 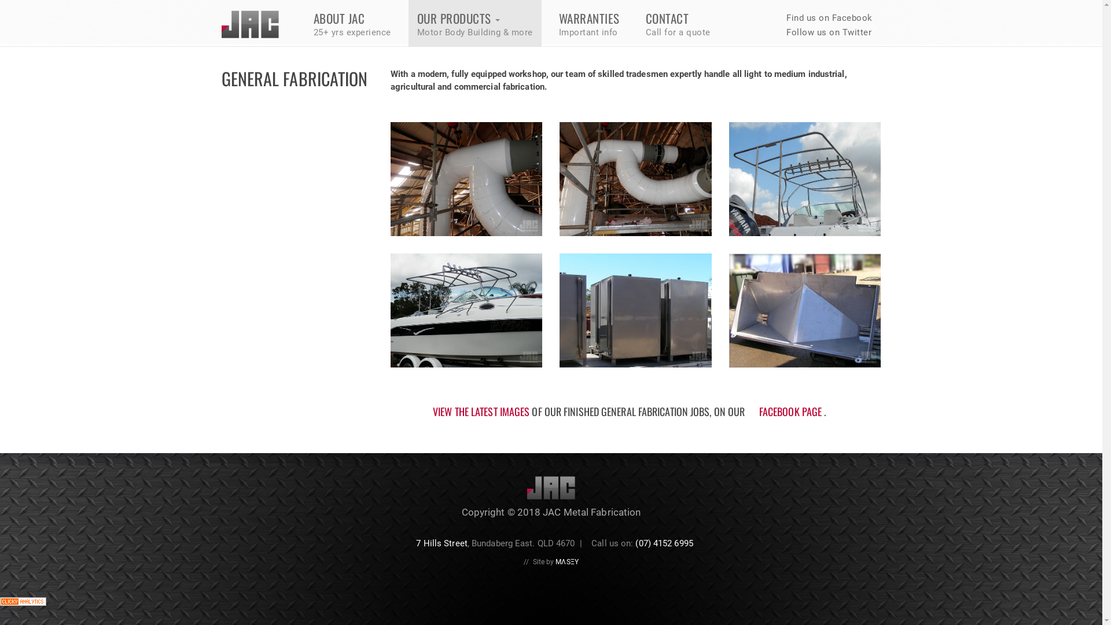 What do you see at coordinates (664, 543) in the screenshot?
I see `'(07) 4152 6995'` at bounding box center [664, 543].